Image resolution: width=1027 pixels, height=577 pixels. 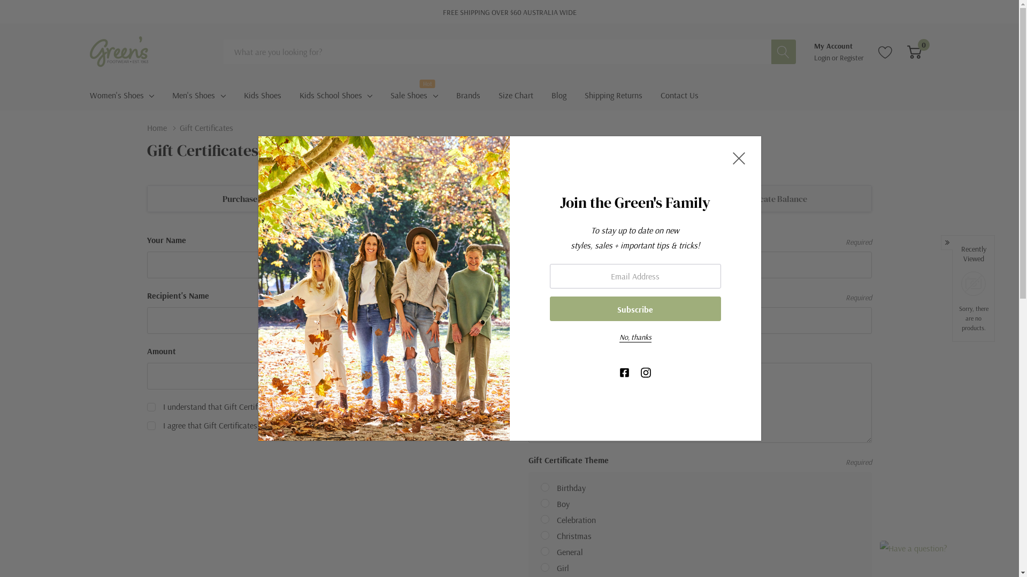 What do you see at coordinates (914, 51) in the screenshot?
I see `'0'` at bounding box center [914, 51].